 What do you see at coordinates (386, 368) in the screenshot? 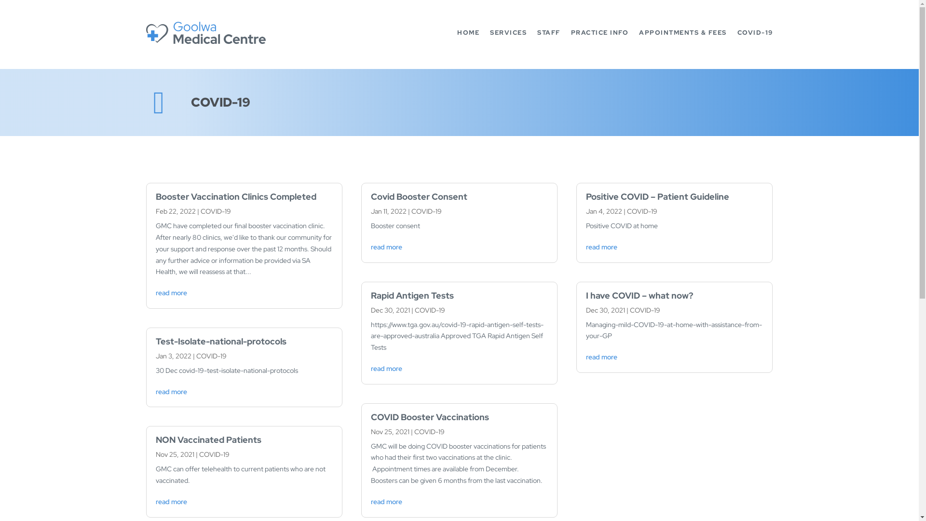
I see `'read more'` at bounding box center [386, 368].